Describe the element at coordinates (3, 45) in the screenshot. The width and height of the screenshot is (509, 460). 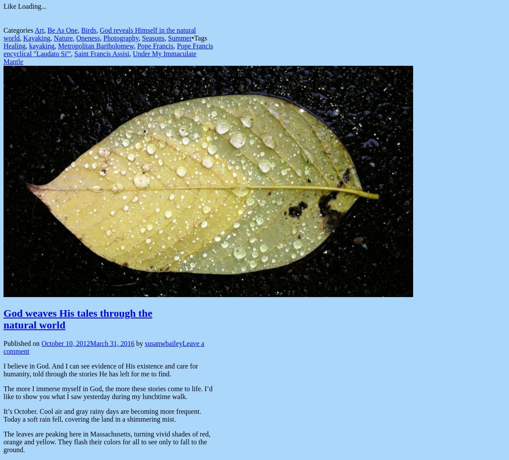
I see `'Healing'` at that location.